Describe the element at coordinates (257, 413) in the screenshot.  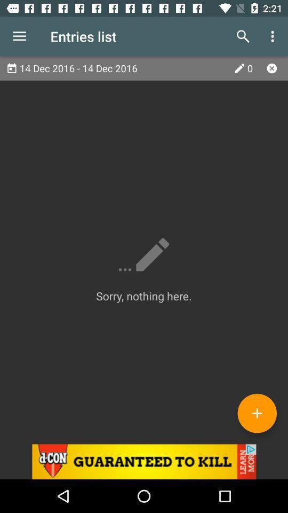
I see `the add icon` at that location.